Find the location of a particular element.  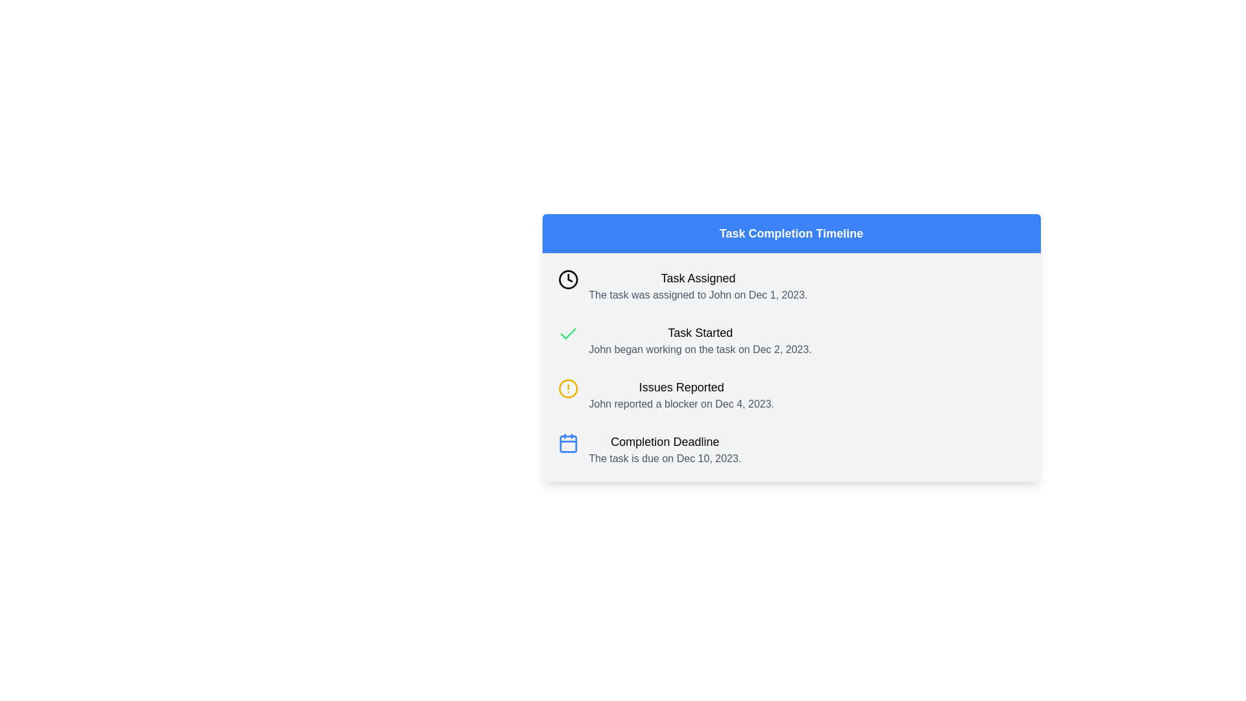

the Informational Card that provides details about the start of a task, located in the vertical timeline under 'Task Completion Timeline', positioned between 'Task Assigned' and 'Issues Reported' is located at coordinates (790, 339).